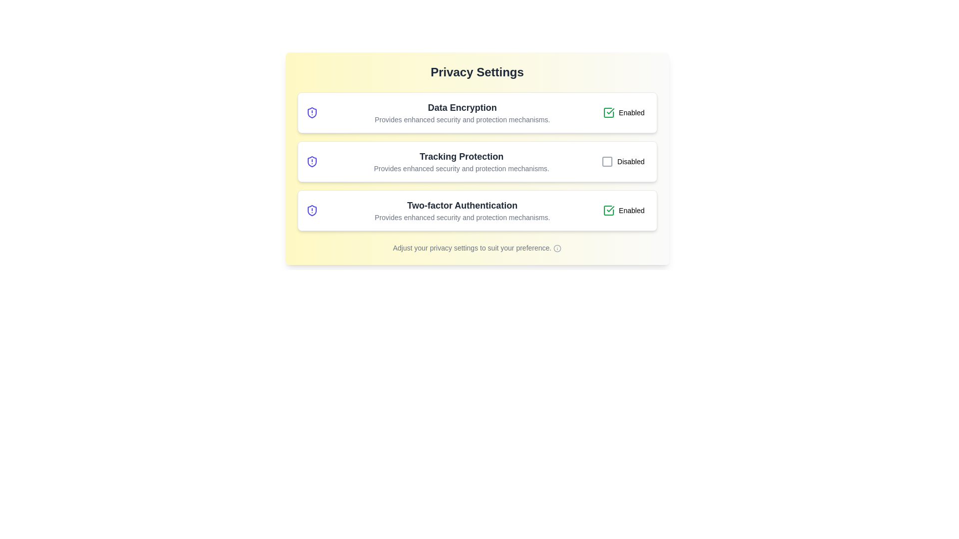 The width and height of the screenshot is (959, 539). I want to click on properties of the warning icon associated with the 'Two-factor Authentication' setting, which is located to the left of the corresponding text and adjacent to the toggle switch, so click(311, 210).